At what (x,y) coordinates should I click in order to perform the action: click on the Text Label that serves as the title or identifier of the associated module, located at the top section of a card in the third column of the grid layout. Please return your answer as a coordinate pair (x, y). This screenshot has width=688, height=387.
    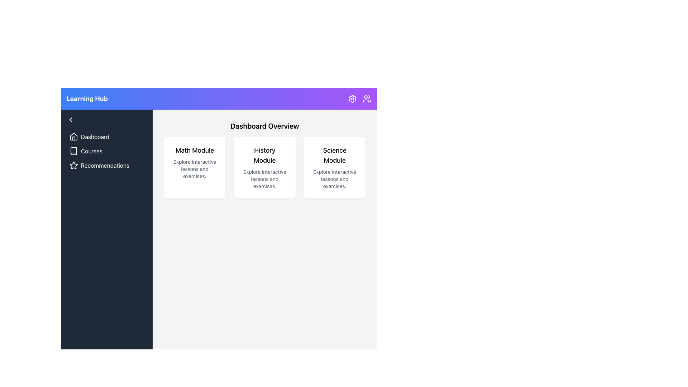
    Looking at the image, I should click on (334, 155).